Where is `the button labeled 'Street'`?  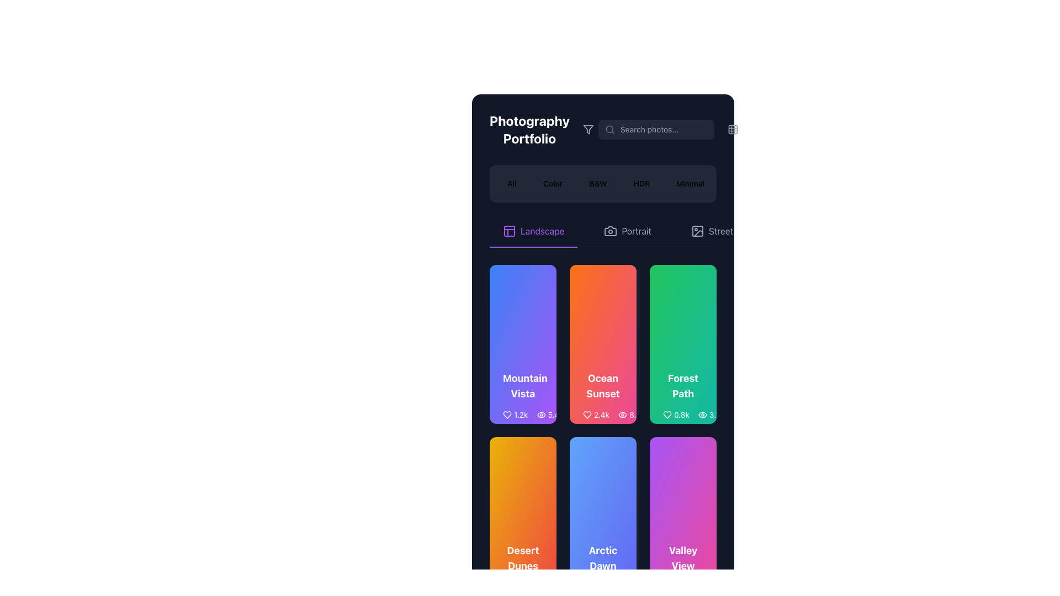
the button labeled 'Street' is located at coordinates (712, 231).